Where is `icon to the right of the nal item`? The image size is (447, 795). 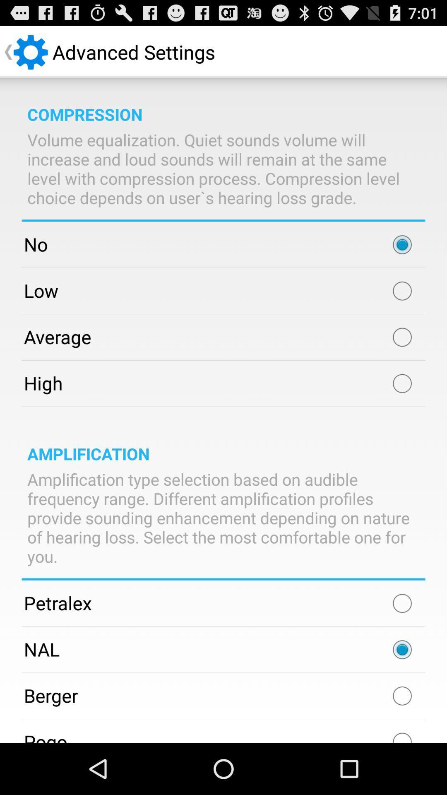 icon to the right of the nal item is located at coordinates (402, 649).